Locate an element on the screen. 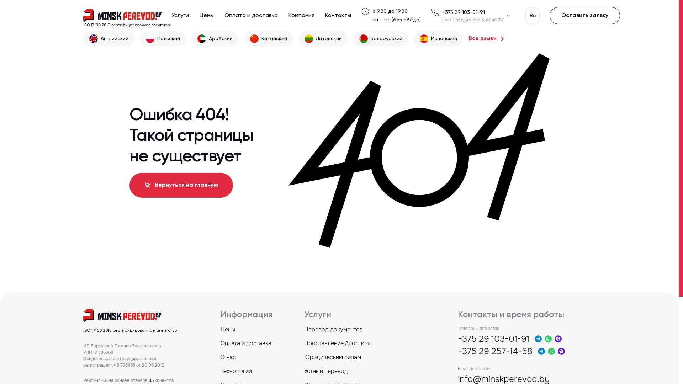  '+375 29 103-01-91' is located at coordinates (463, 12).